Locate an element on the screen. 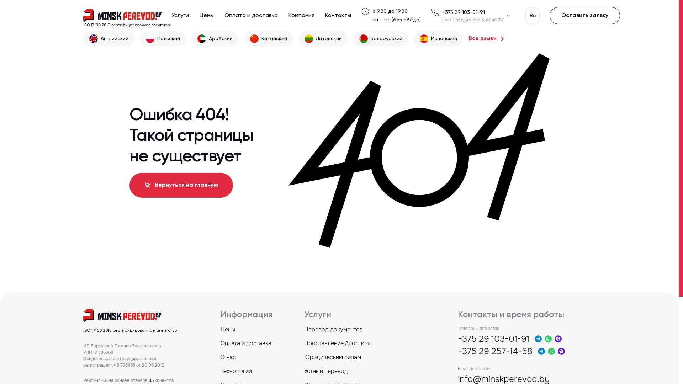  '+375 29 103-01-91' is located at coordinates (463, 12).